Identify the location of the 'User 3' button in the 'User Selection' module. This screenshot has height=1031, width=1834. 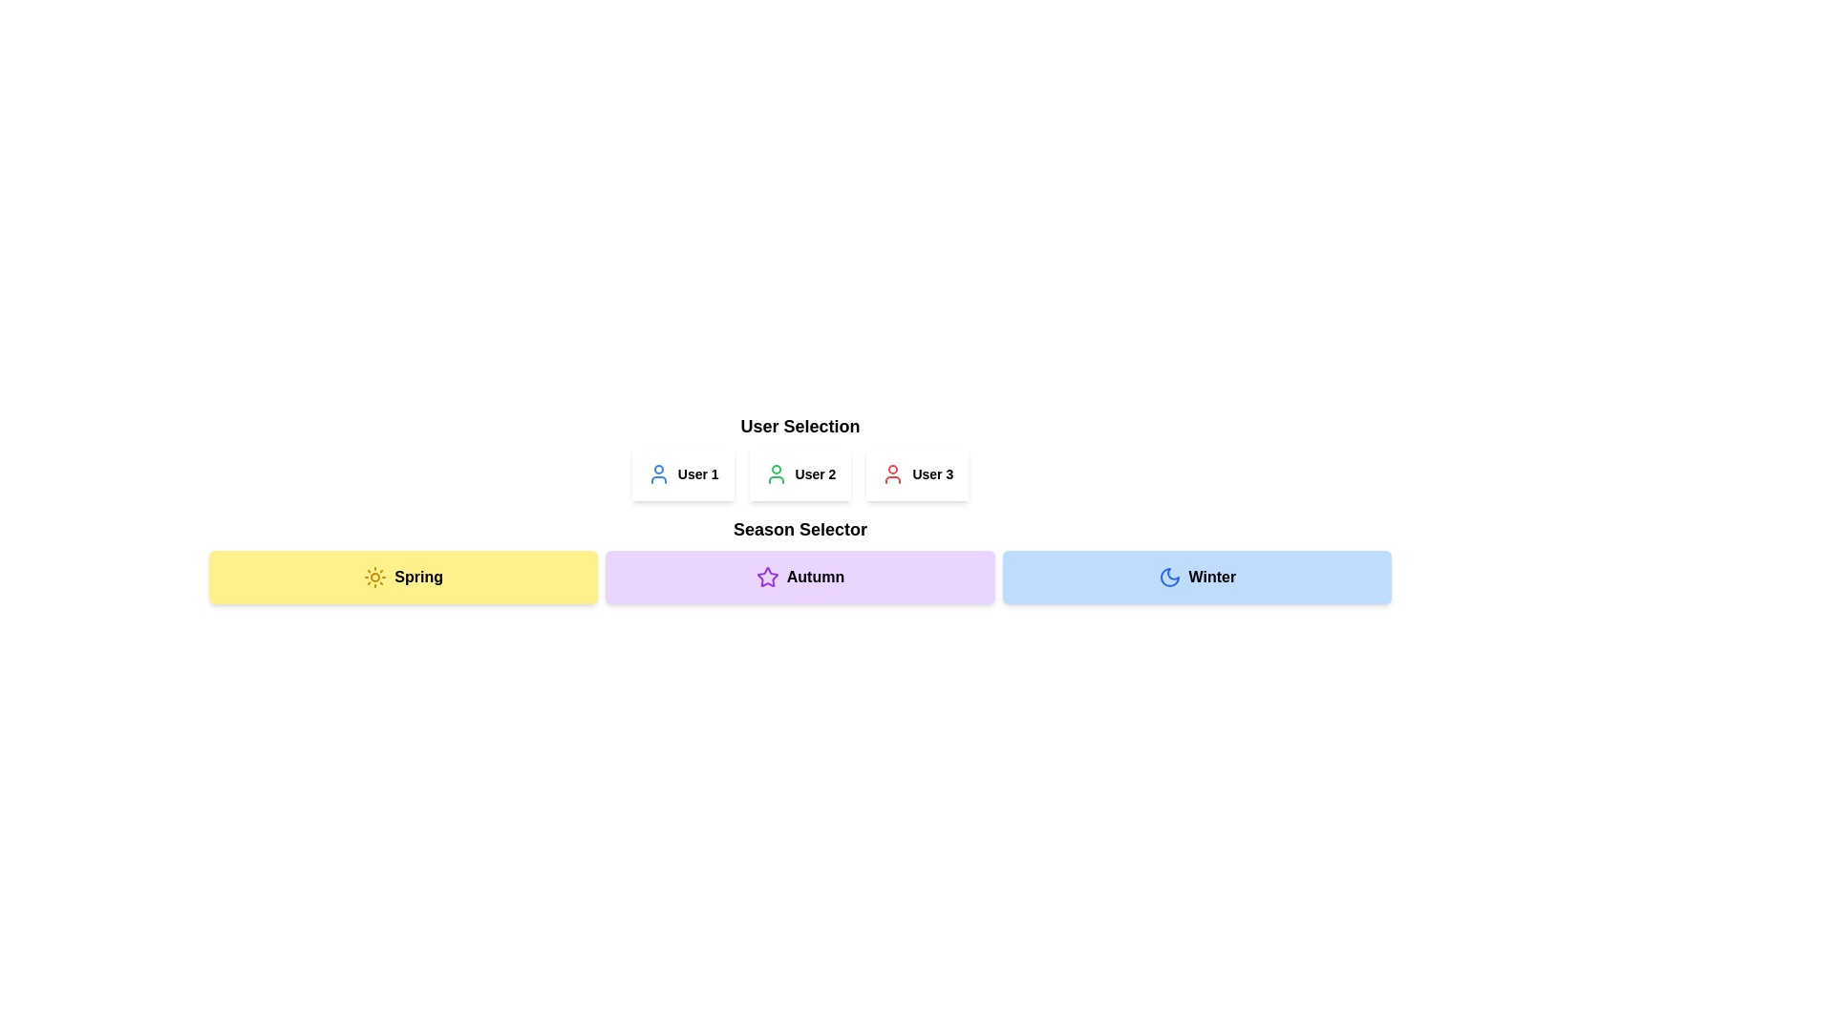
(917, 473).